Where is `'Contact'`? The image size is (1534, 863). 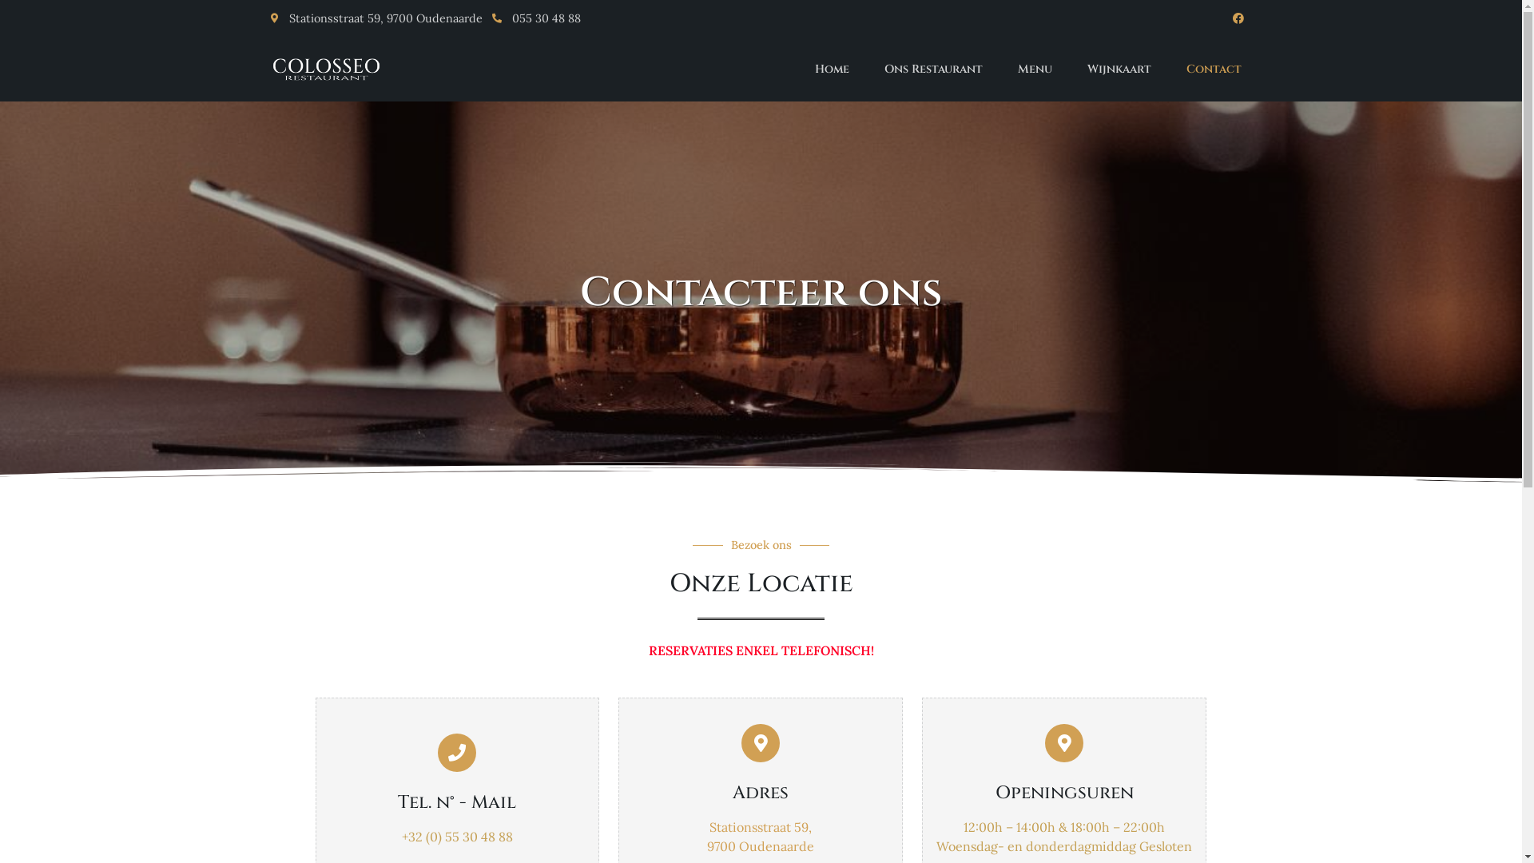 'Contact' is located at coordinates (1213, 69).